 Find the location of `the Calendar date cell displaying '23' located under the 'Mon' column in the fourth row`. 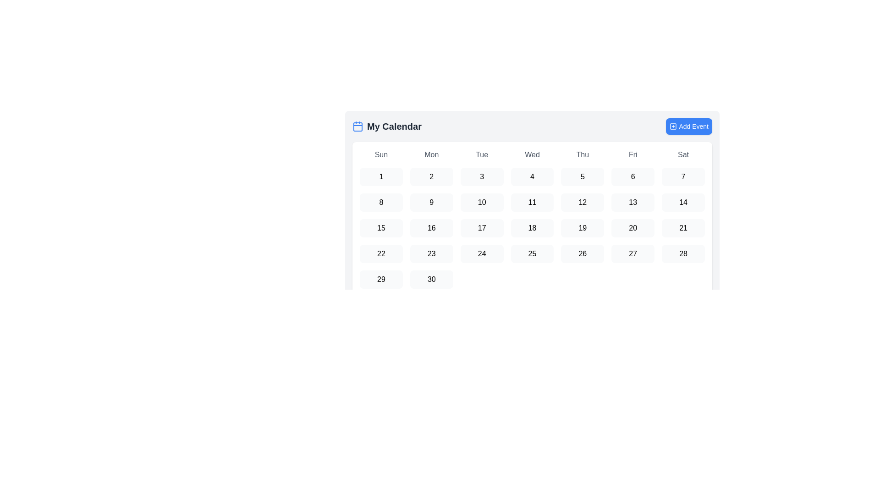

the Calendar date cell displaying '23' located under the 'Mon' column in the fourth row is located at coordinates (431, 254).